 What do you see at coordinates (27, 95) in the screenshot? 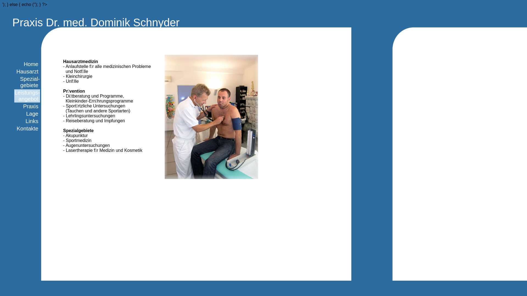
I see `'Leistungs-` at bounding box center [27, 95].